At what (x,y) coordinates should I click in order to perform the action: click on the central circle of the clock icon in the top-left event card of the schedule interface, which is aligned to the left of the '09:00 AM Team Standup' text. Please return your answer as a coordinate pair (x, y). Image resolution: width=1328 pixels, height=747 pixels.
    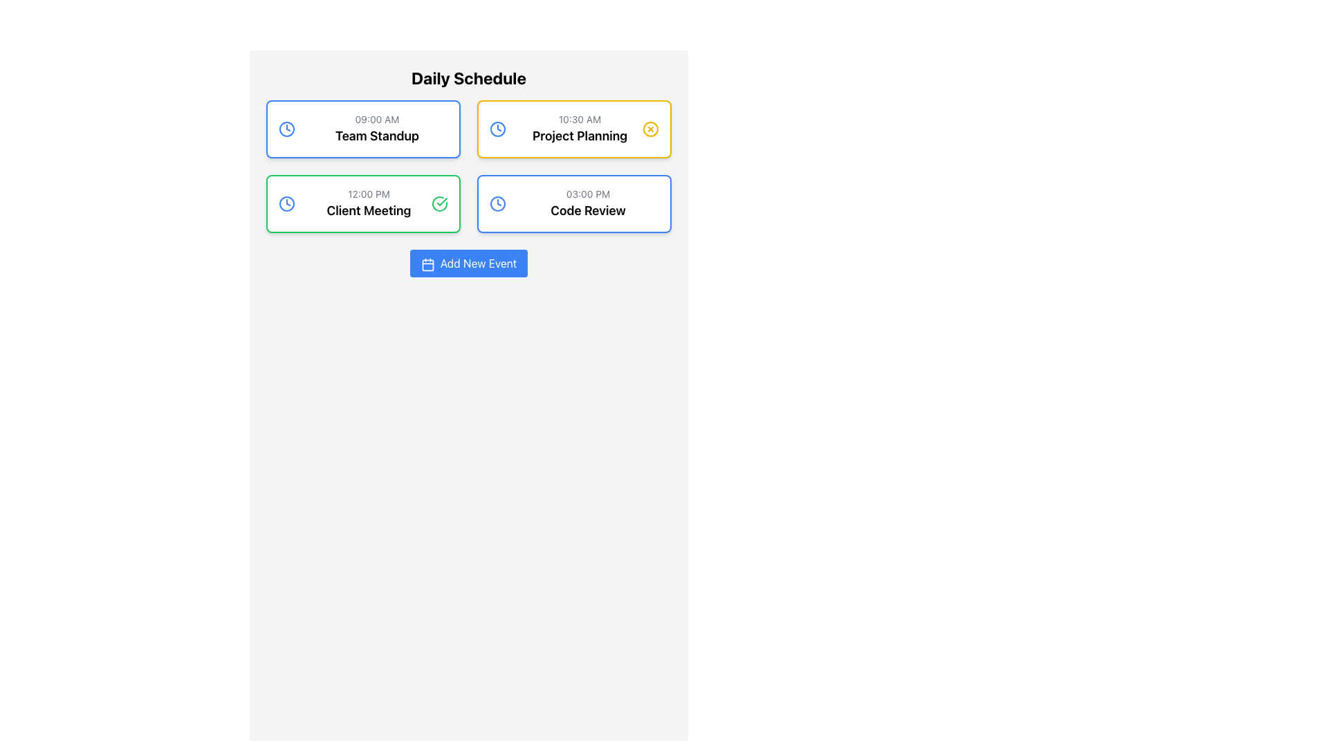
    Looking at the image, I should click on (286, 129).